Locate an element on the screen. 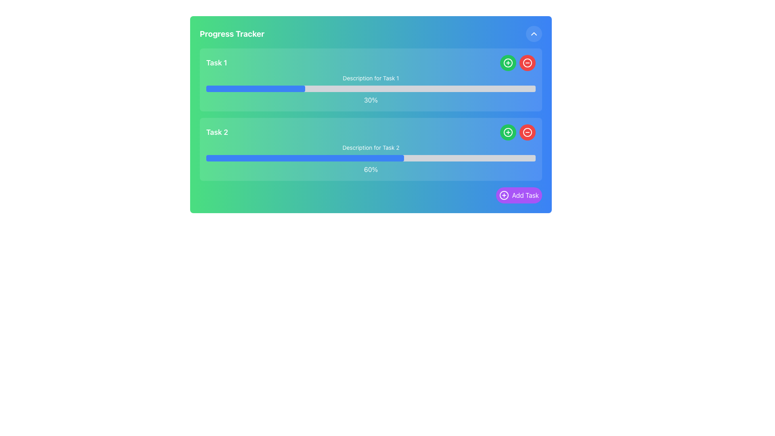 The image size is (775, 436). the text label reading 'Description for Task 1' that is centrally aligned within the task card for 'Task 1' is located at coordinates (370, 78).